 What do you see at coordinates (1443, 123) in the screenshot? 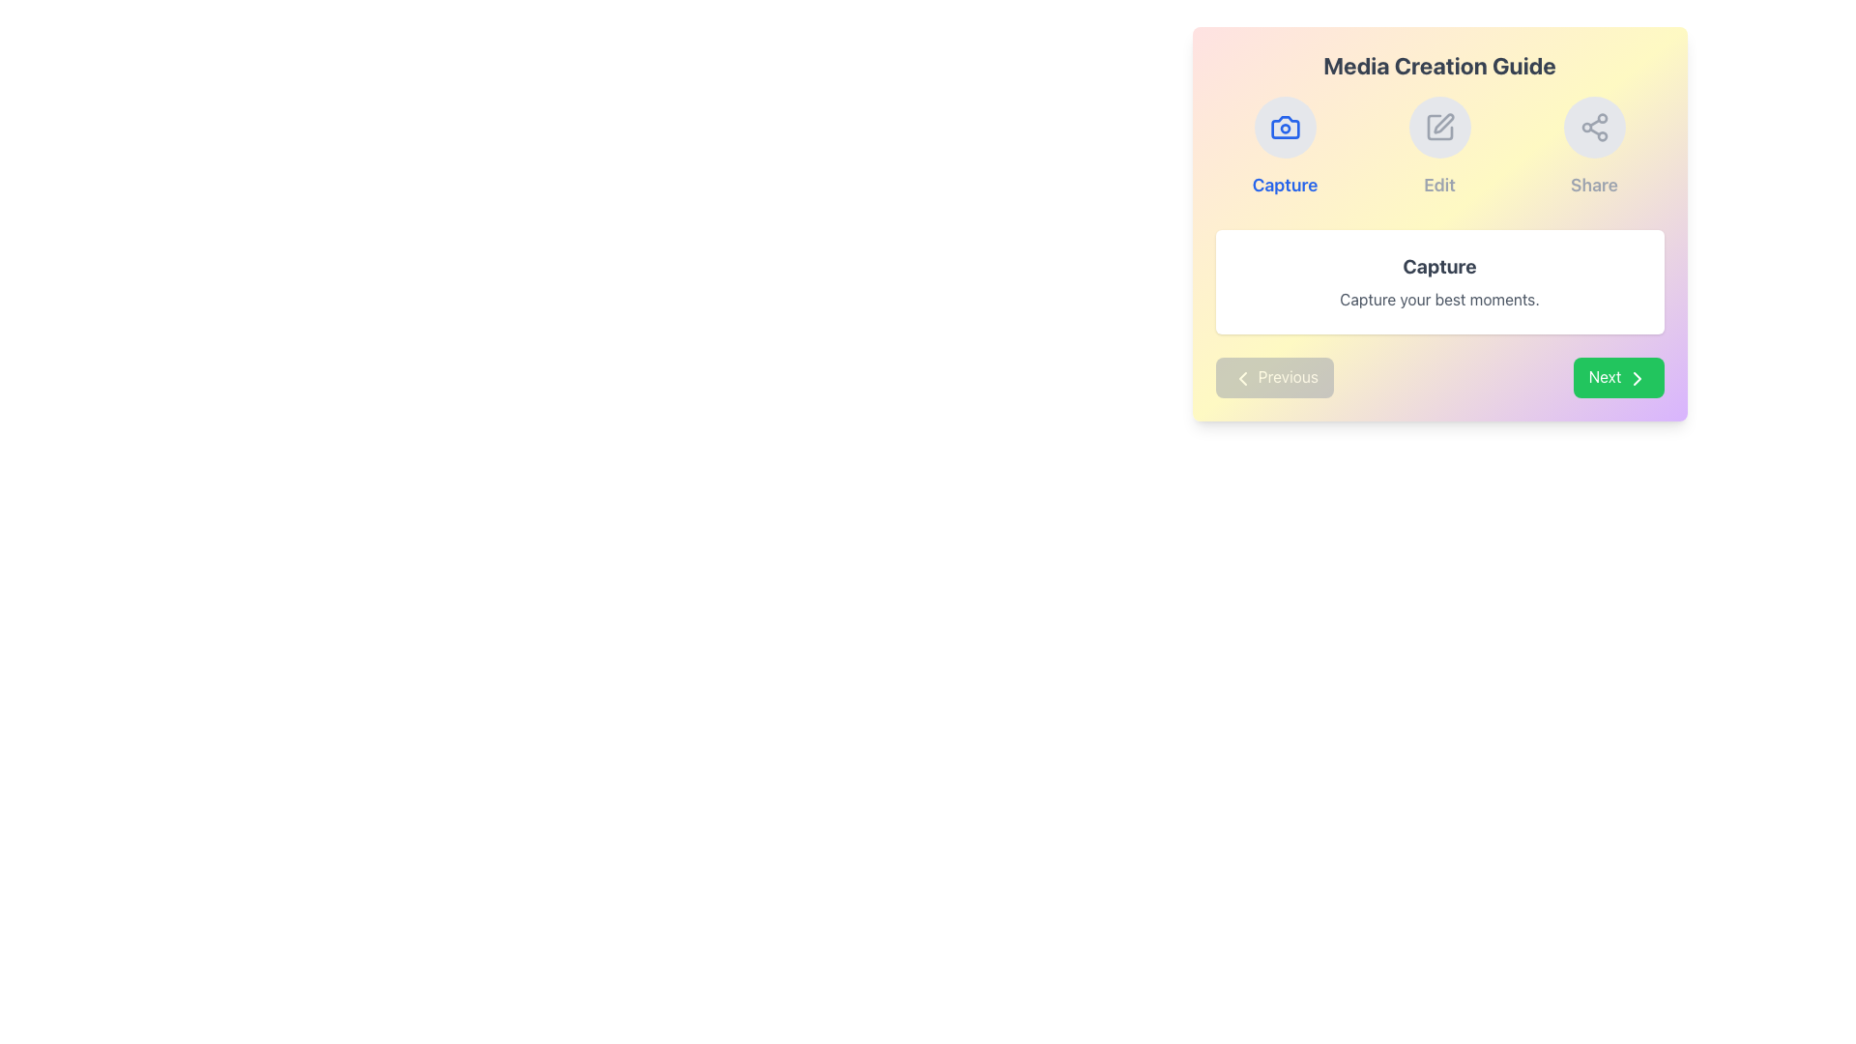
I see `the pen-shaped editing tool icon located centrally within the second circular button at the upper-center area of the interface` at bounding box center [1443, 123].